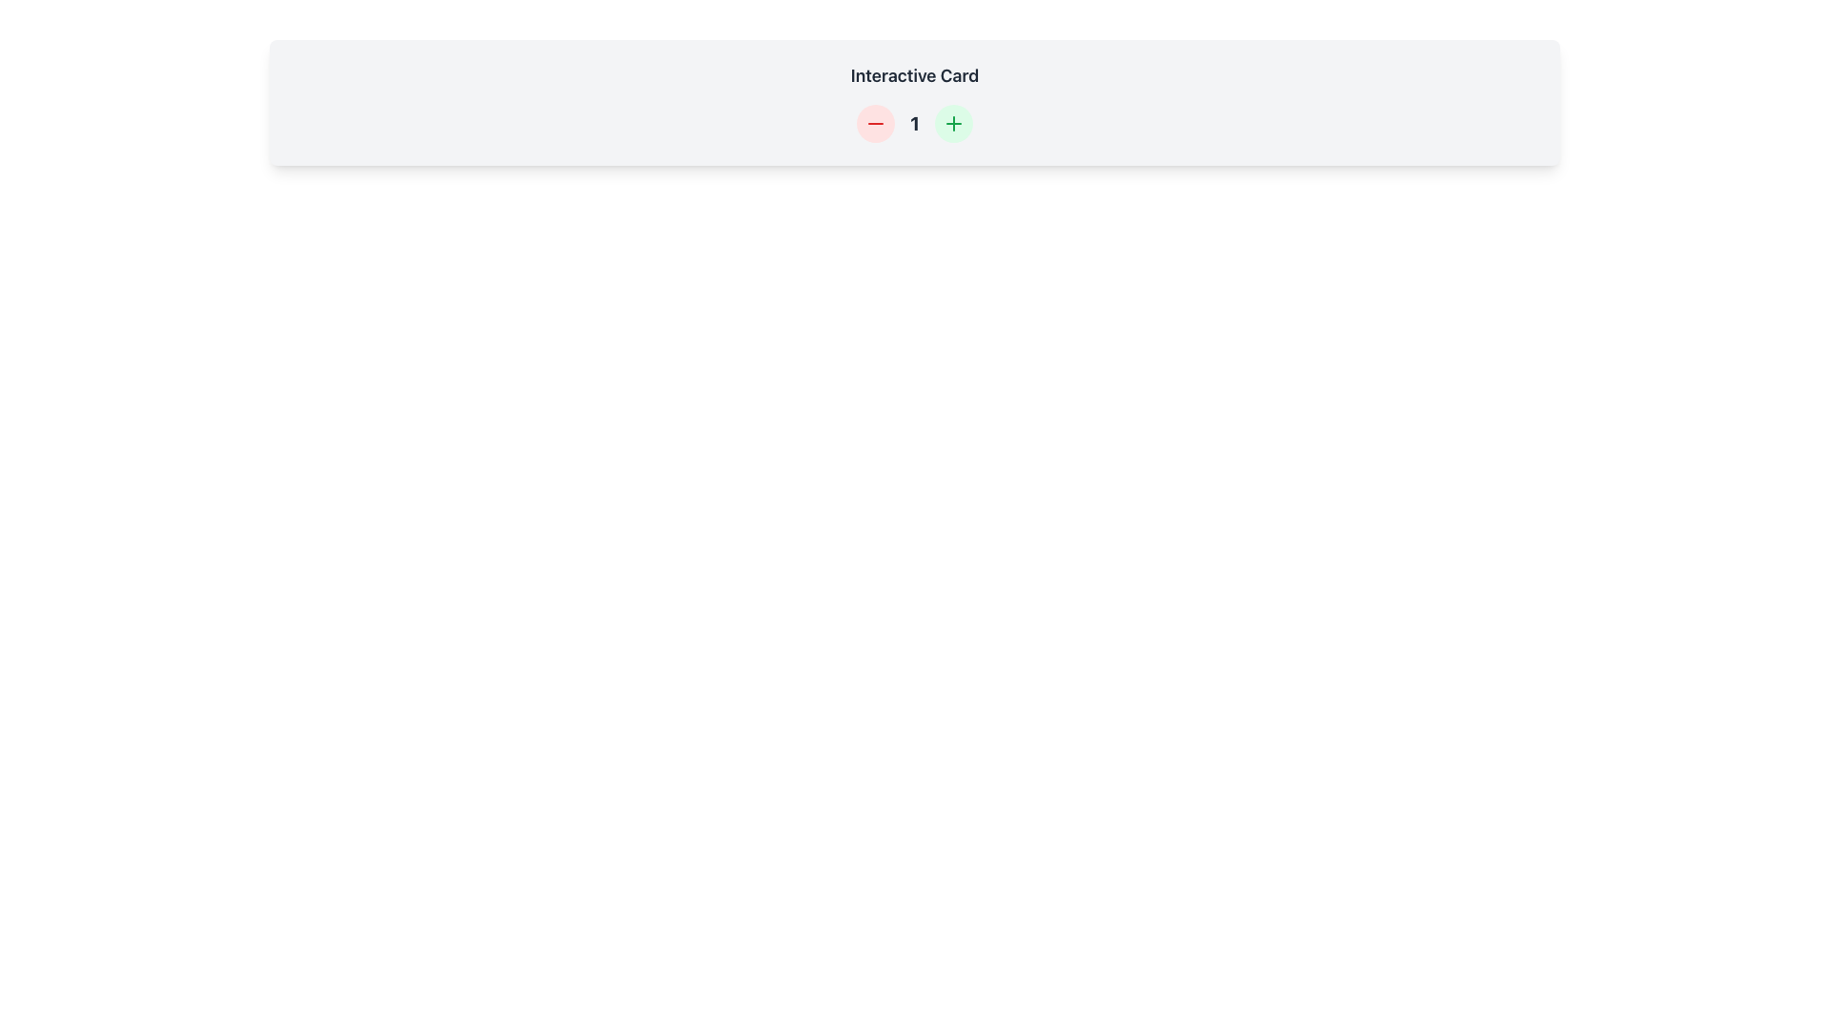 Image resolution: width=1830 pixels, height=1029 pixels. What do you see at coordinates (915, 124) in the screenshot?
I see `the Text label that displays the current value or count, positioned centrally between a minus sign on the left and a plus sign on the right` at bounding box center [915, 124].